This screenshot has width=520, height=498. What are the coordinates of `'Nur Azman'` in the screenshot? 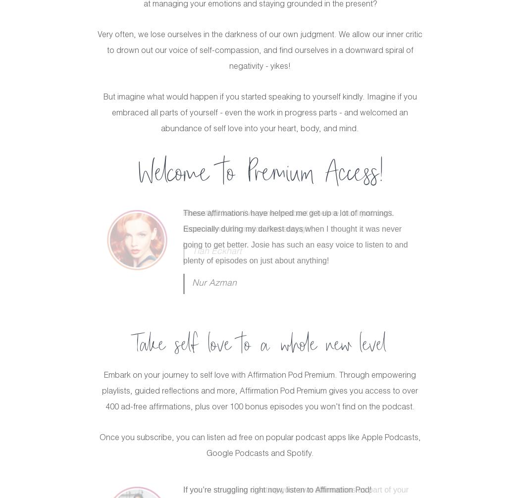 It's located at (214, 284).